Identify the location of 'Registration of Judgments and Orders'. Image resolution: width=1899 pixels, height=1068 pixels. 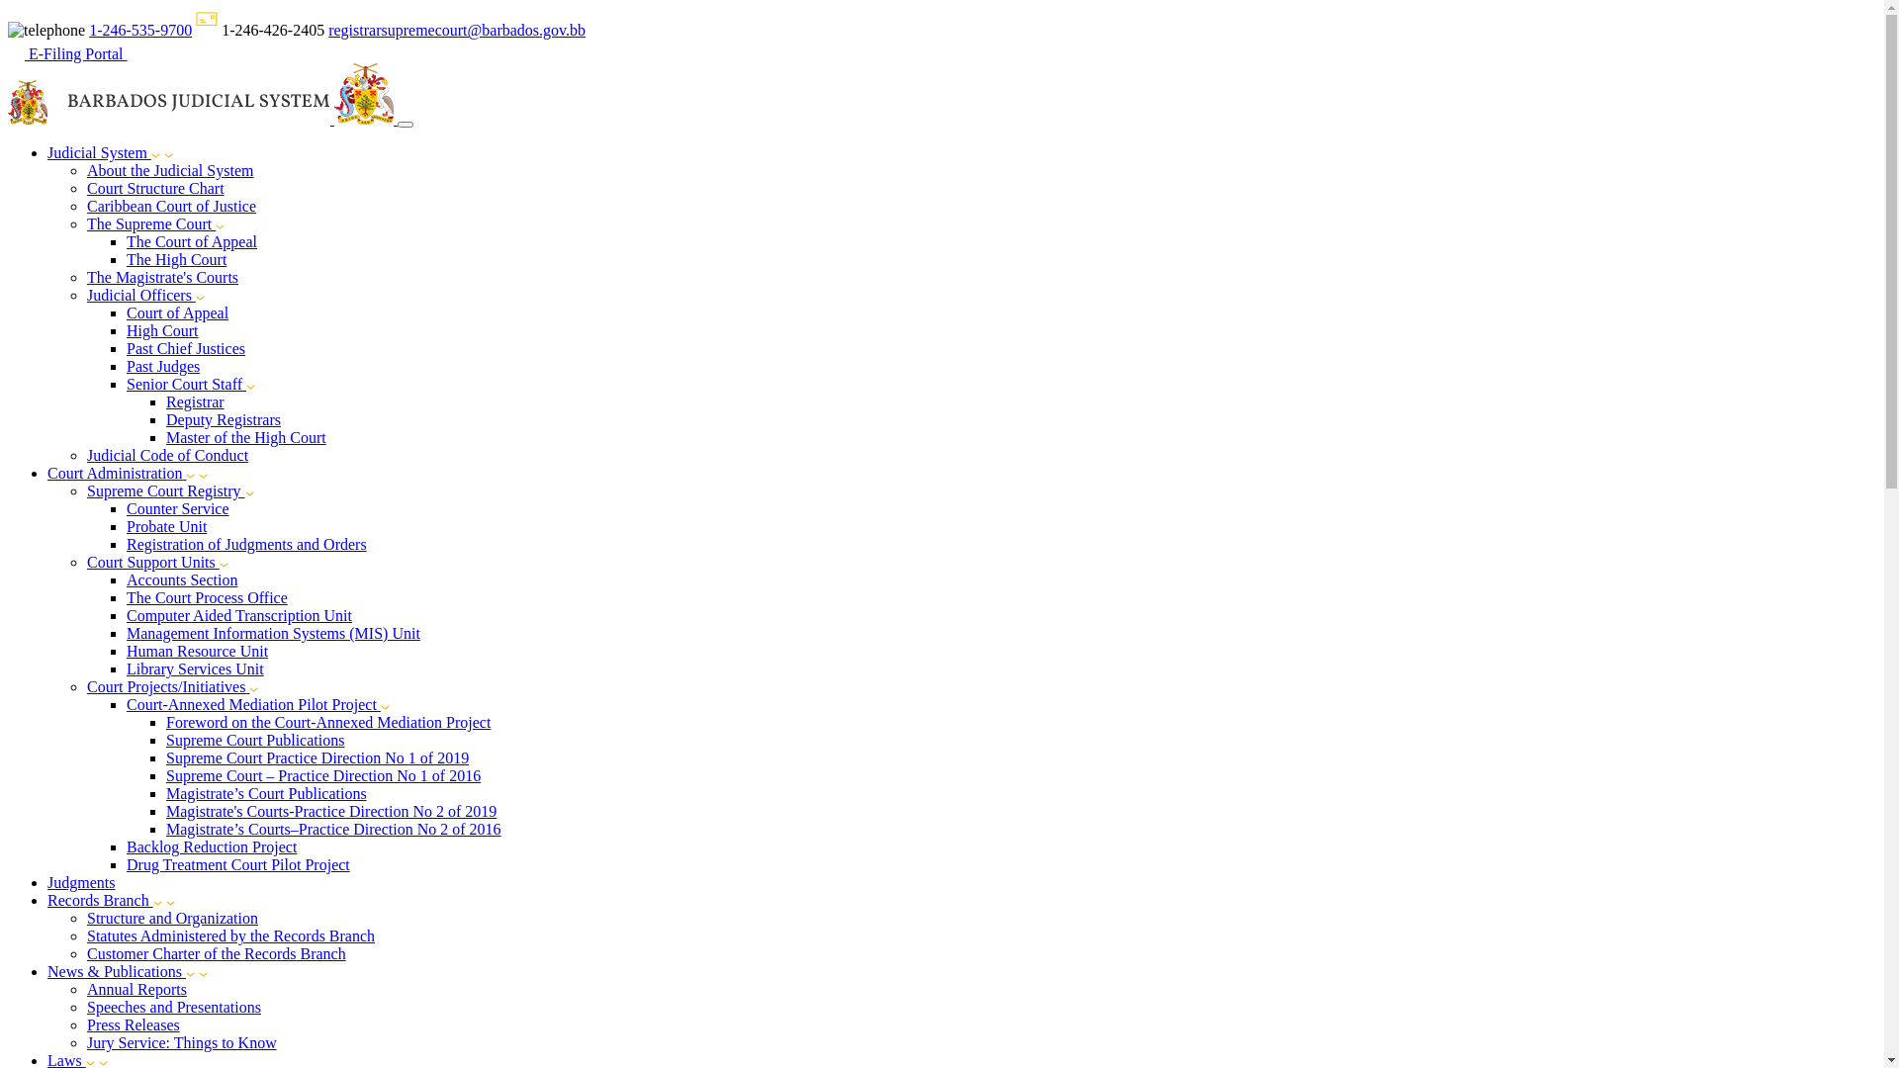
(126, 544).